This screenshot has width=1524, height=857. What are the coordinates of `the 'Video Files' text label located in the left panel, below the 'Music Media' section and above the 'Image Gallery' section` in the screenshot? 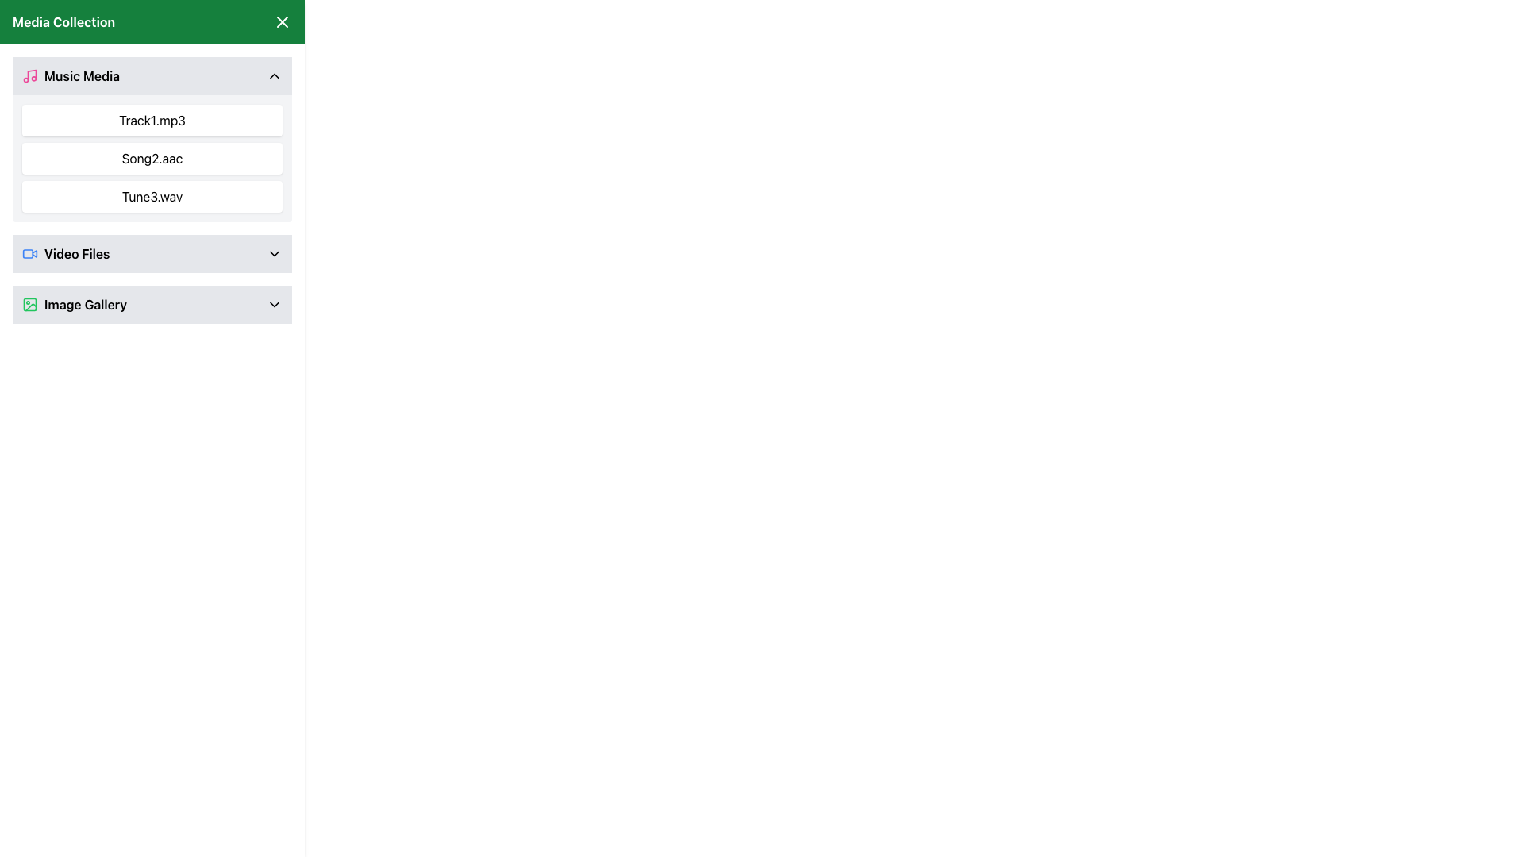 It's located at (76, 253).